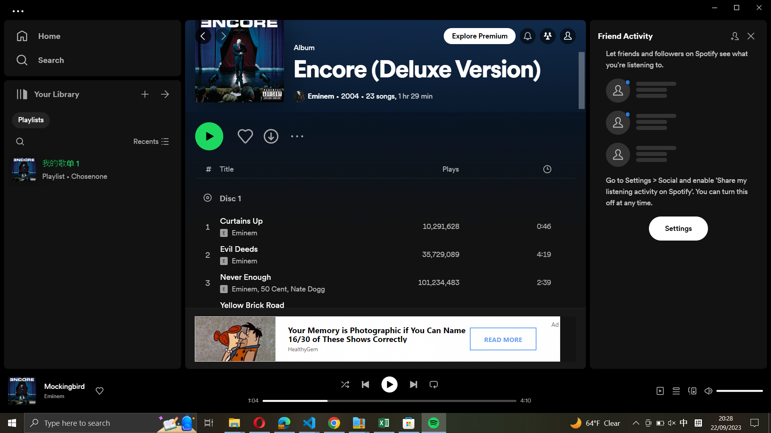 Image resolution: width=771 pixels, height=433 pixels. Describe the element at coordinates (481, 170) in the screenshot. I see `Organize the playlist based on the count of plays` at that location.